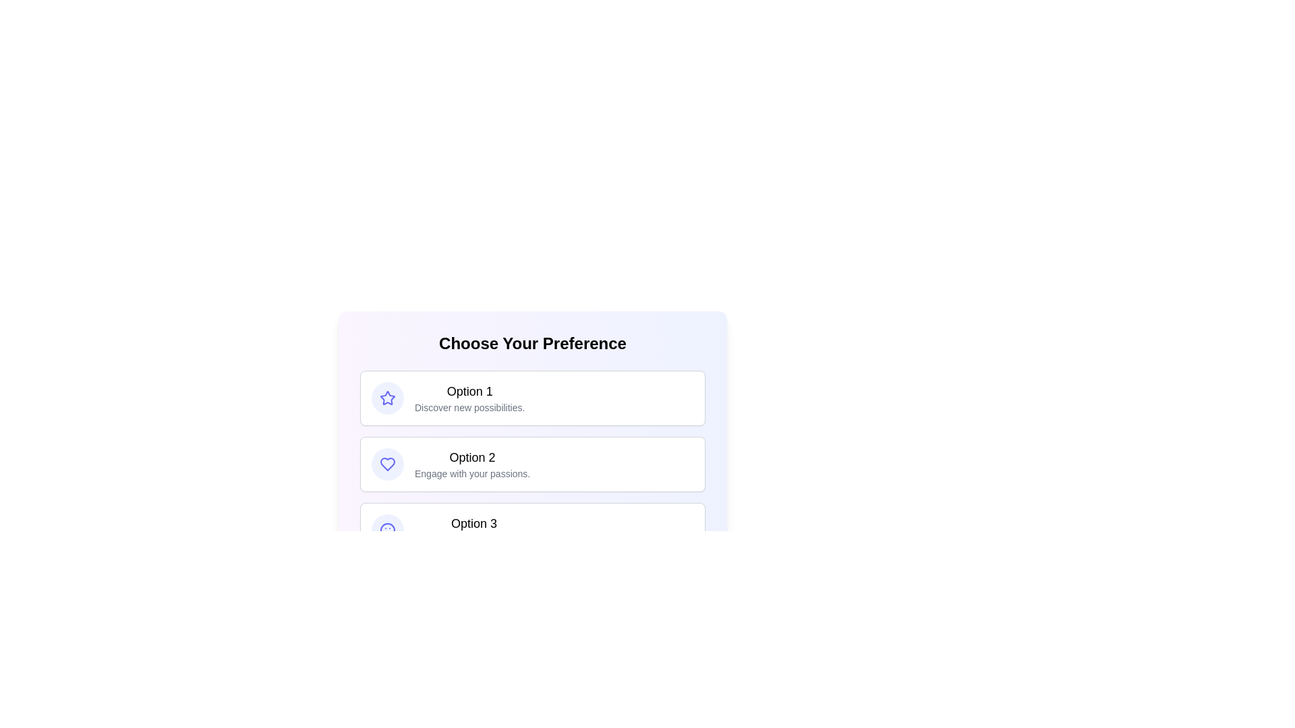 This screenshot has height=728, width=1295. Describe the element at coordinates (387, 464) in the screenshot. I see `the Graphic Icon that symbolizes selection or categorization related to preference, located in the middle section of the Options group associated with 'Option 2'` at that location.